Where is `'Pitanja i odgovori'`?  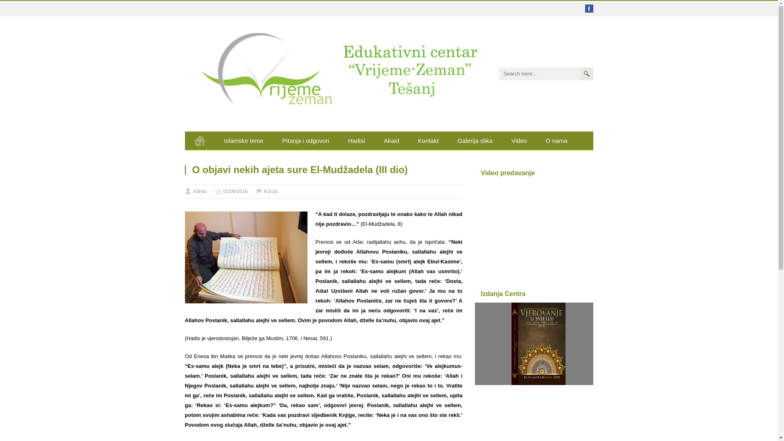
'Pitanja i odgovori' is located at coordinates (305, 140).